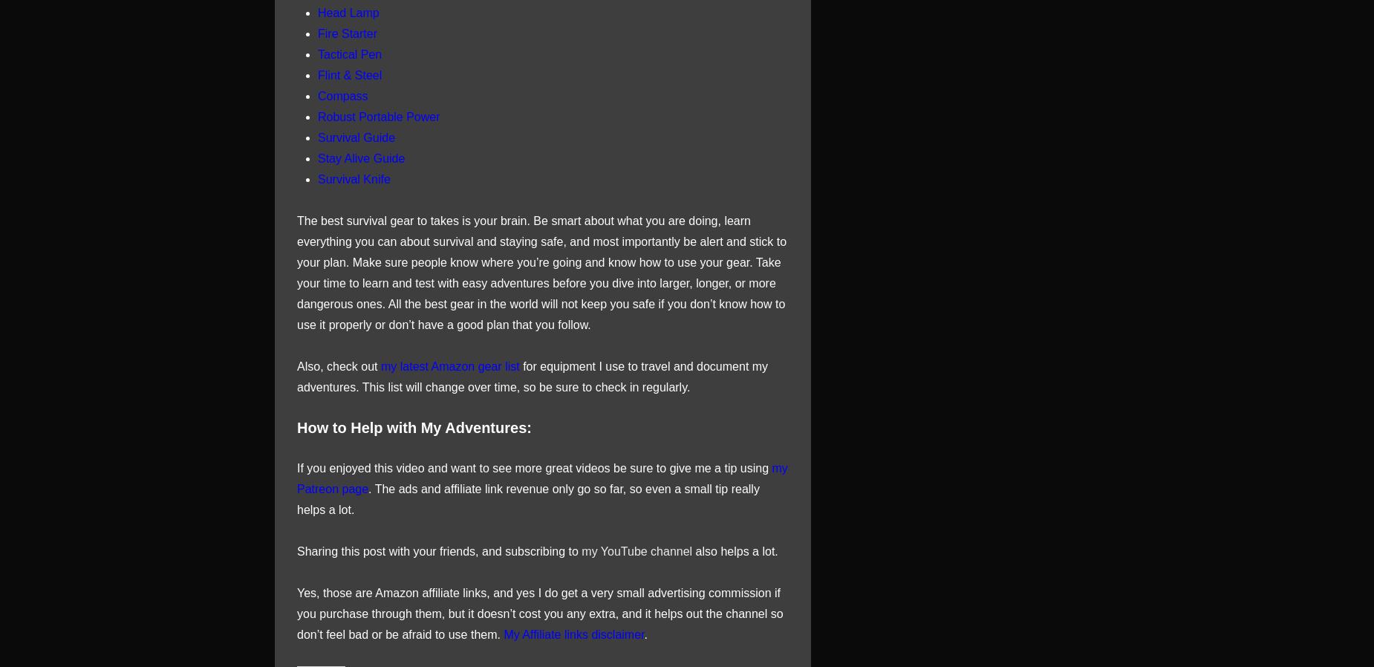 The image size is (1374, 667). What do you see at coordinates (533, 375) in the screenshot?
I see `'for equipment I use to travel and document my adventures. This list will change over time, so be sure to check in regularly.'` at bounding box center [533, 375].